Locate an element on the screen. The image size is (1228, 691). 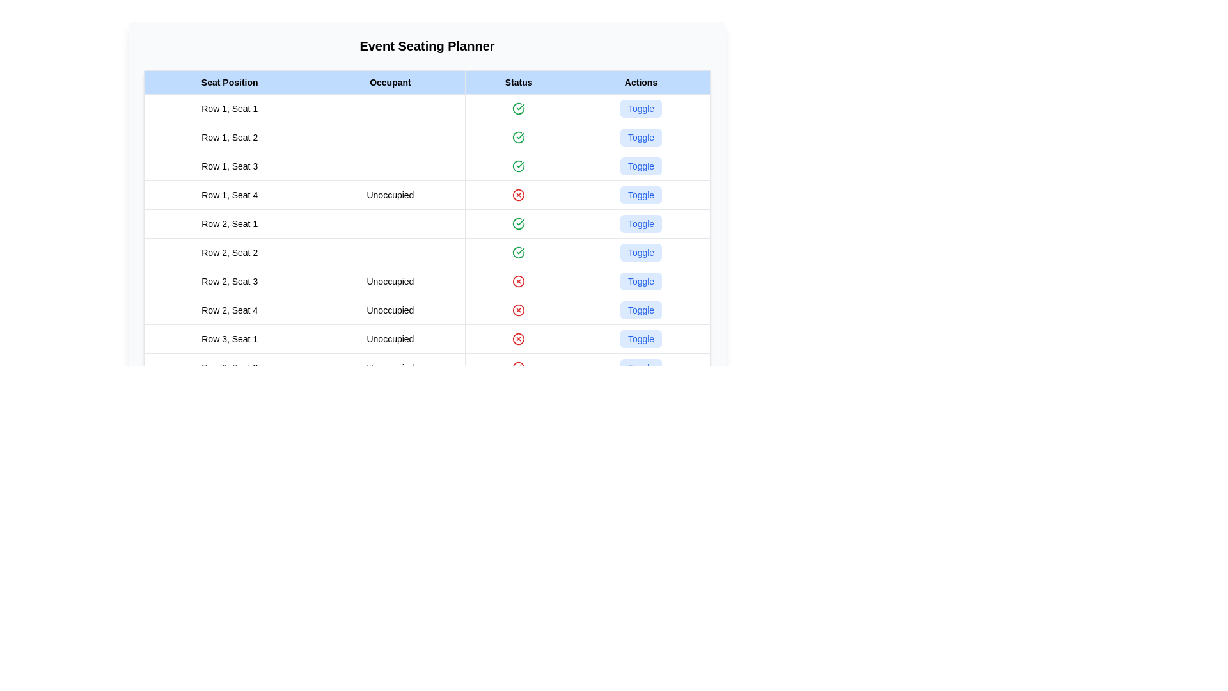
the static text element displaying 'Row 1, Seat 1' within the table cell located in the 'Seat Position' column is located at coordinates (230, 107).